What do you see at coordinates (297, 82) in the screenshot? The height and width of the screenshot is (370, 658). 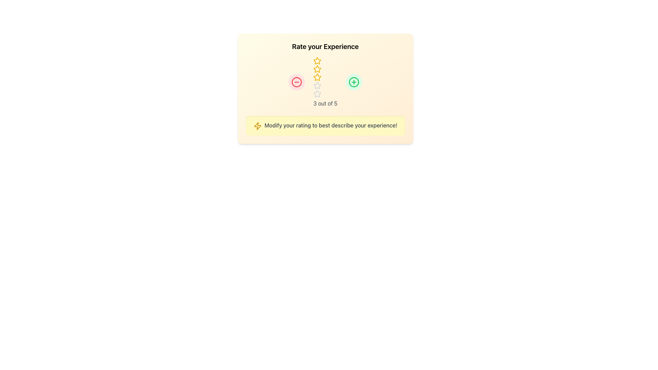 I see `the decorative SVG circle located on the left side of the star rating indicators, which indicates a 'minus' aspect` at bounding box center [297, 82].